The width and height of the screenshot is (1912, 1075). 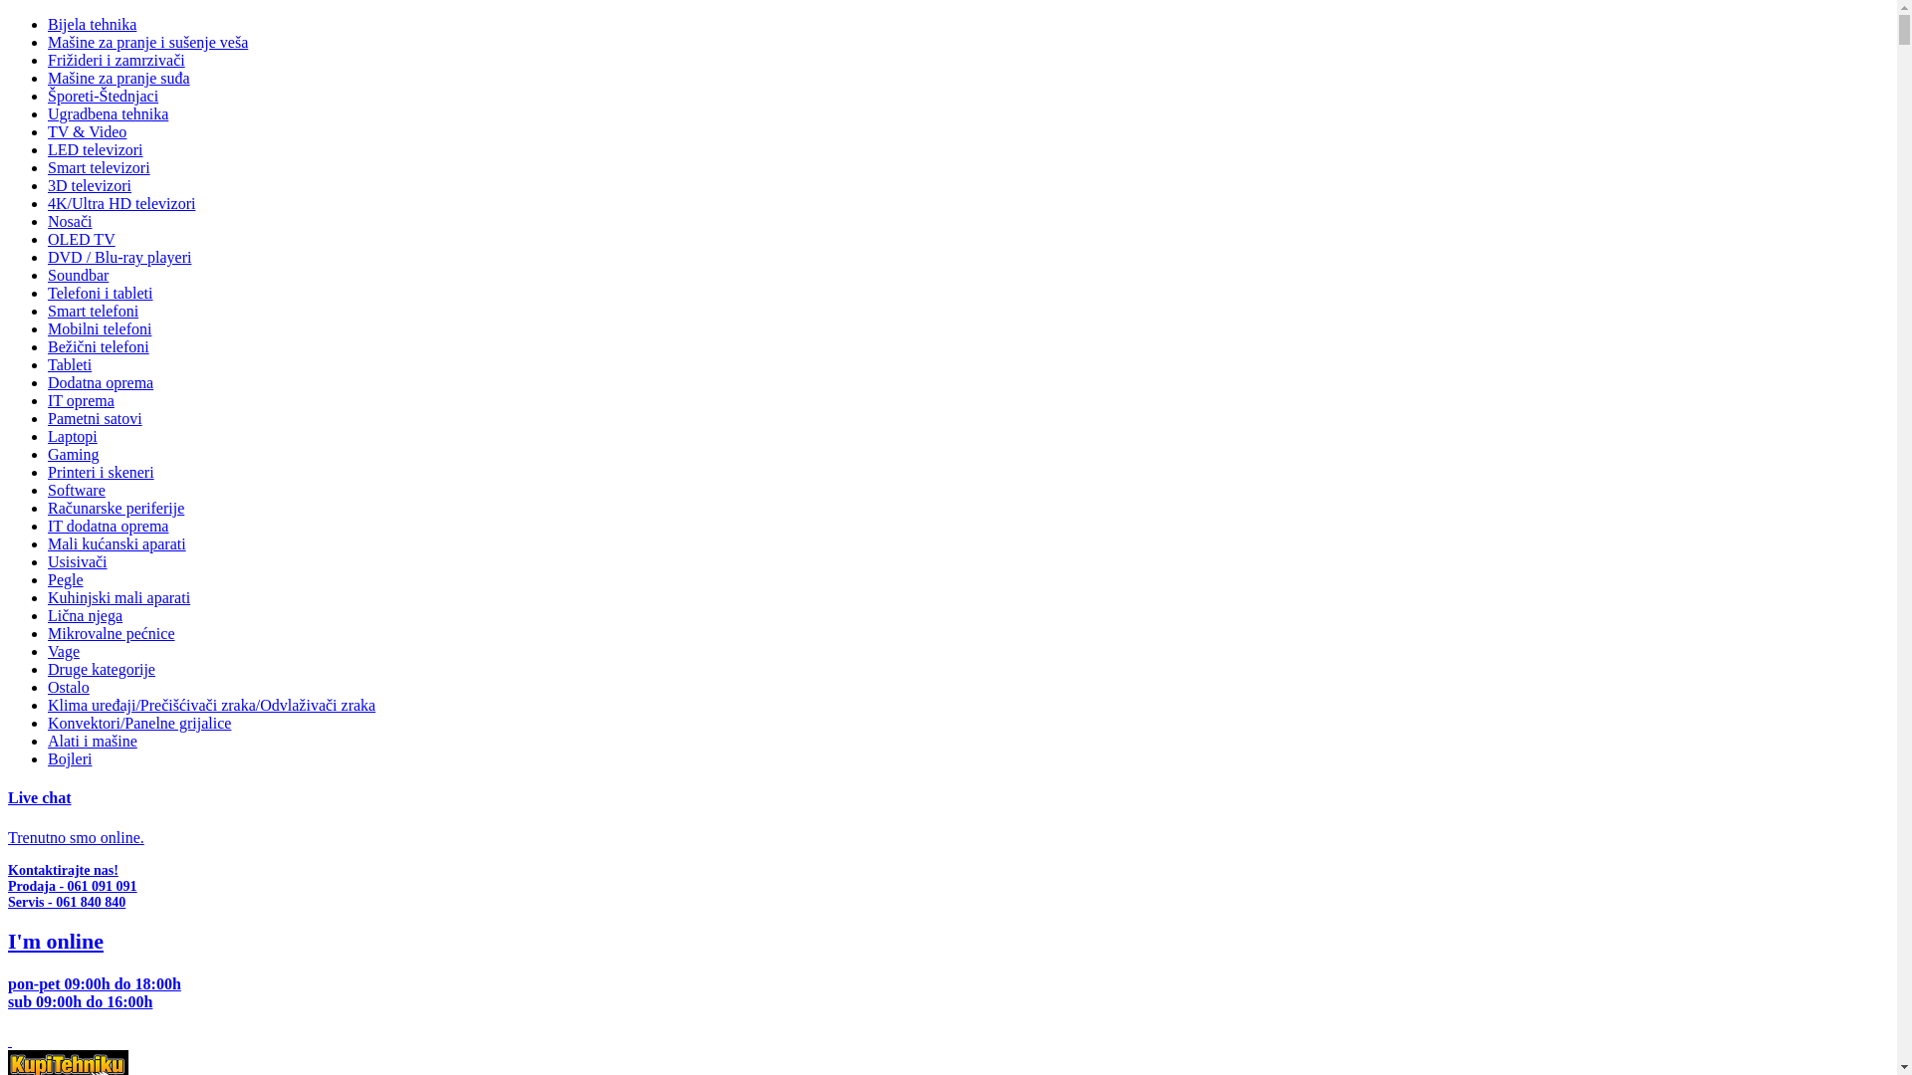 What do you see at coordinates (80, 238) in the screenshot?
I see `'OLED TV'` at bounding box center [80, 238].